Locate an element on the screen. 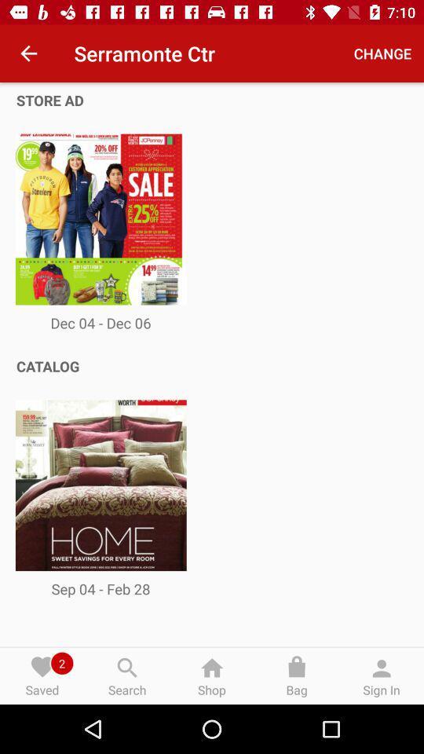  change is located at coordinates (382, 53).